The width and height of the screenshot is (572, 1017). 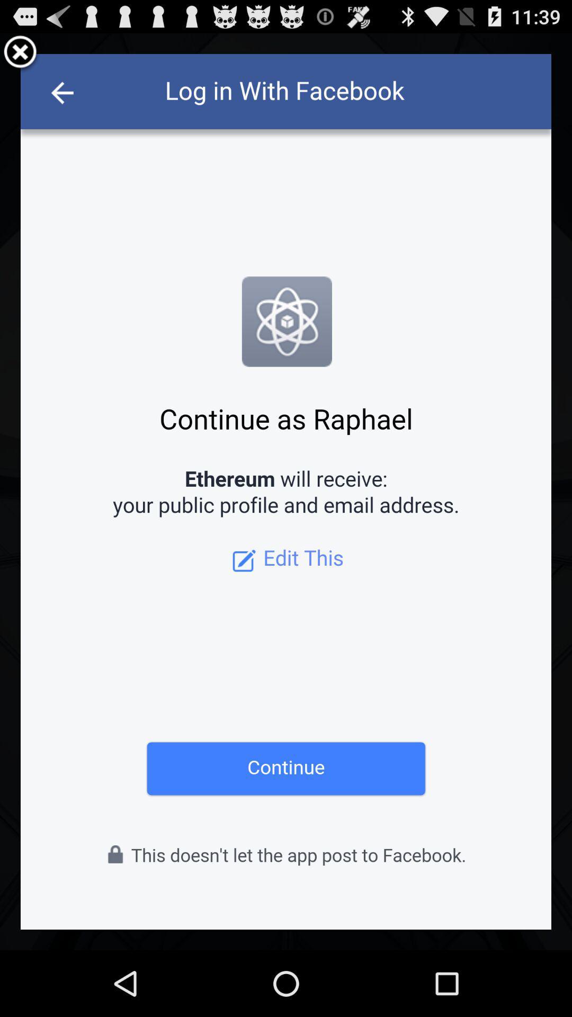 I want to click on close patturn, so click(x=20, y=53).